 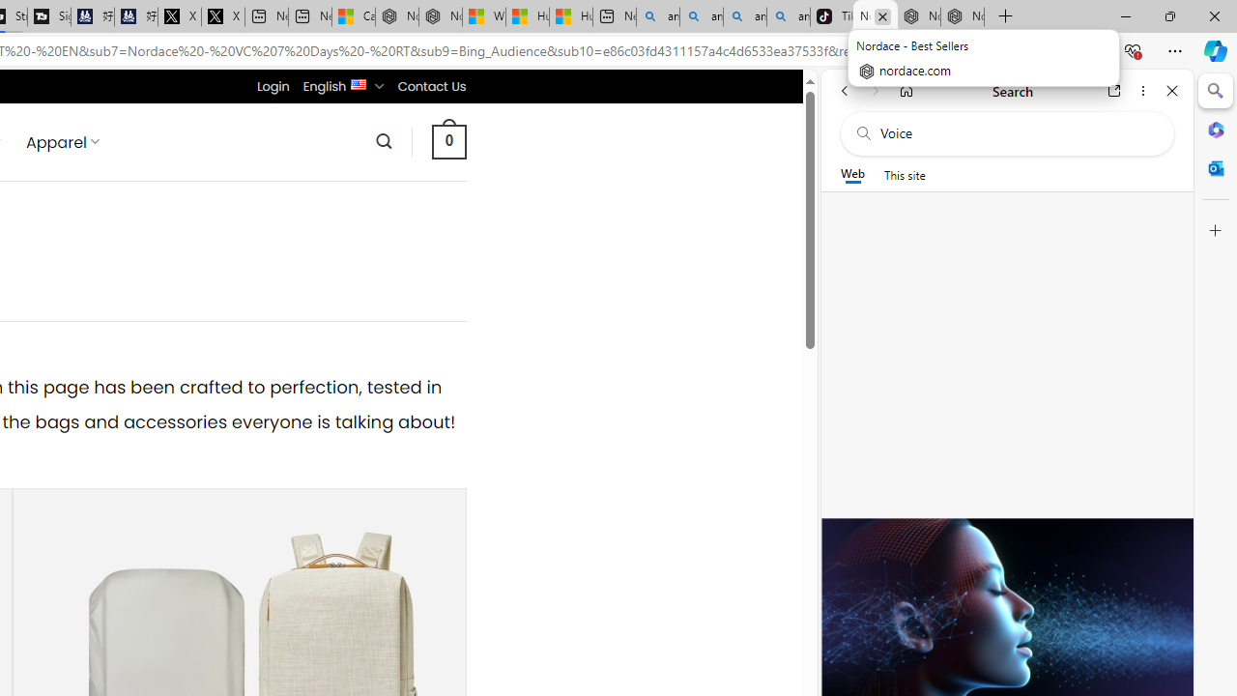 I want to click on 'Contact Us', so click(x=430, y=85).